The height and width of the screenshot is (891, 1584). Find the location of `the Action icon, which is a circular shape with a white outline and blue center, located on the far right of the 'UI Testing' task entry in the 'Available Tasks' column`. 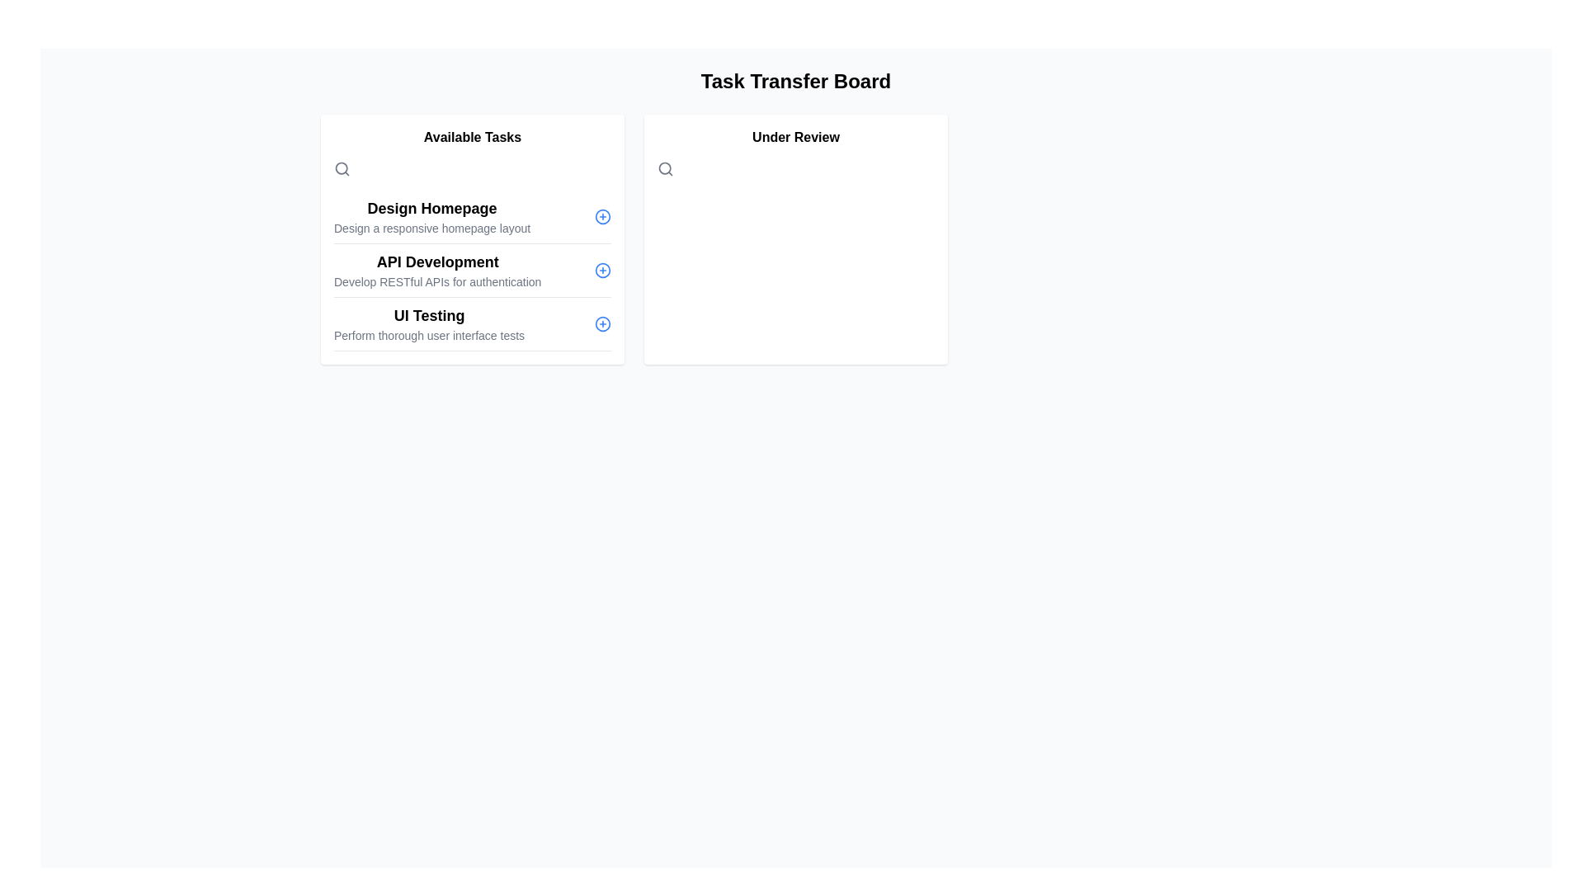

the Action icon, which is a circular shape with a white outline and blue center, located on the far right of the 'UI Testing' task entry in the 'Available Tasks' column is located at coordinates (601, 324).